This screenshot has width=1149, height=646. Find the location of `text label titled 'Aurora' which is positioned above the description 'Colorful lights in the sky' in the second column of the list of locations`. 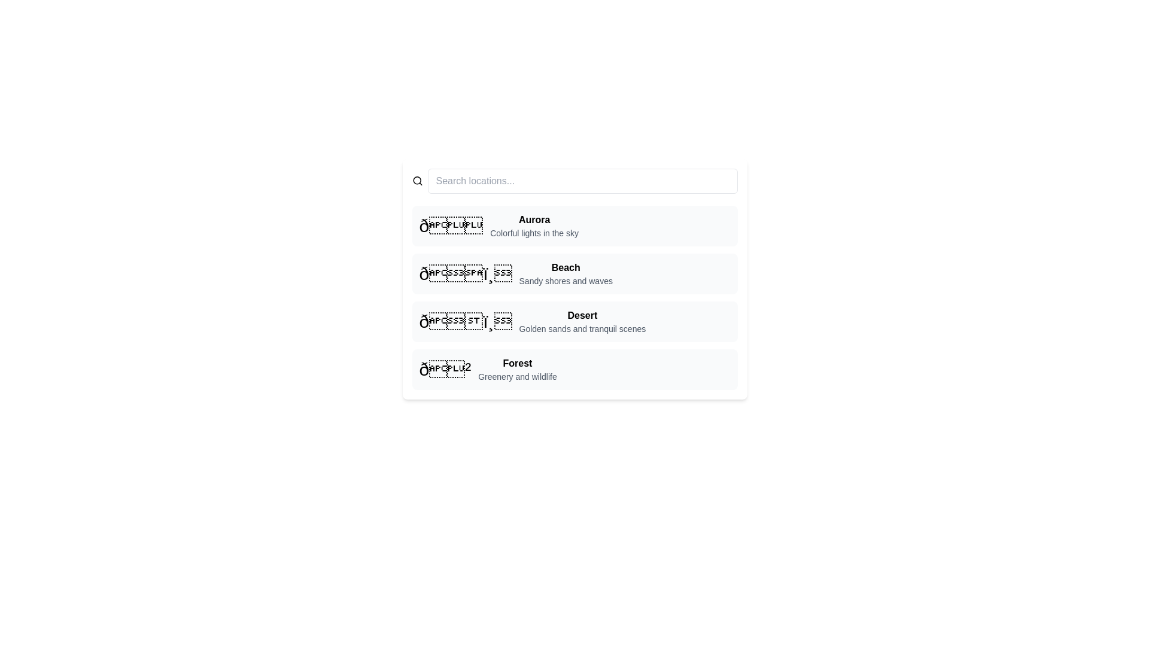

text label titled 'Aurora' which is positioned above the description 'Colorful lights in the sky' in the second column of the list of locations is located at coordinates (534, 220).